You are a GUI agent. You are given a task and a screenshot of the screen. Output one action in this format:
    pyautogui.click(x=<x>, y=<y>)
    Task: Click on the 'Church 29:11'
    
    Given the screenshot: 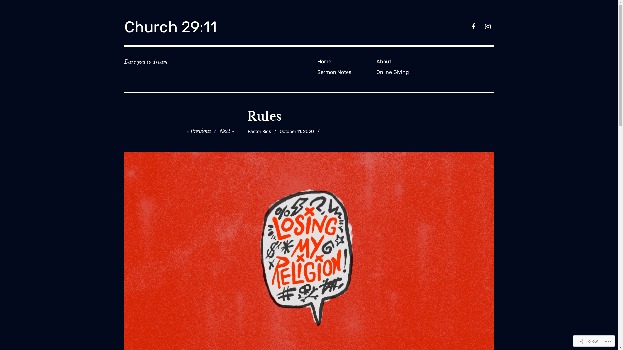 What is the action you would take?
    pyautogui.click(x=170, y=27)
    